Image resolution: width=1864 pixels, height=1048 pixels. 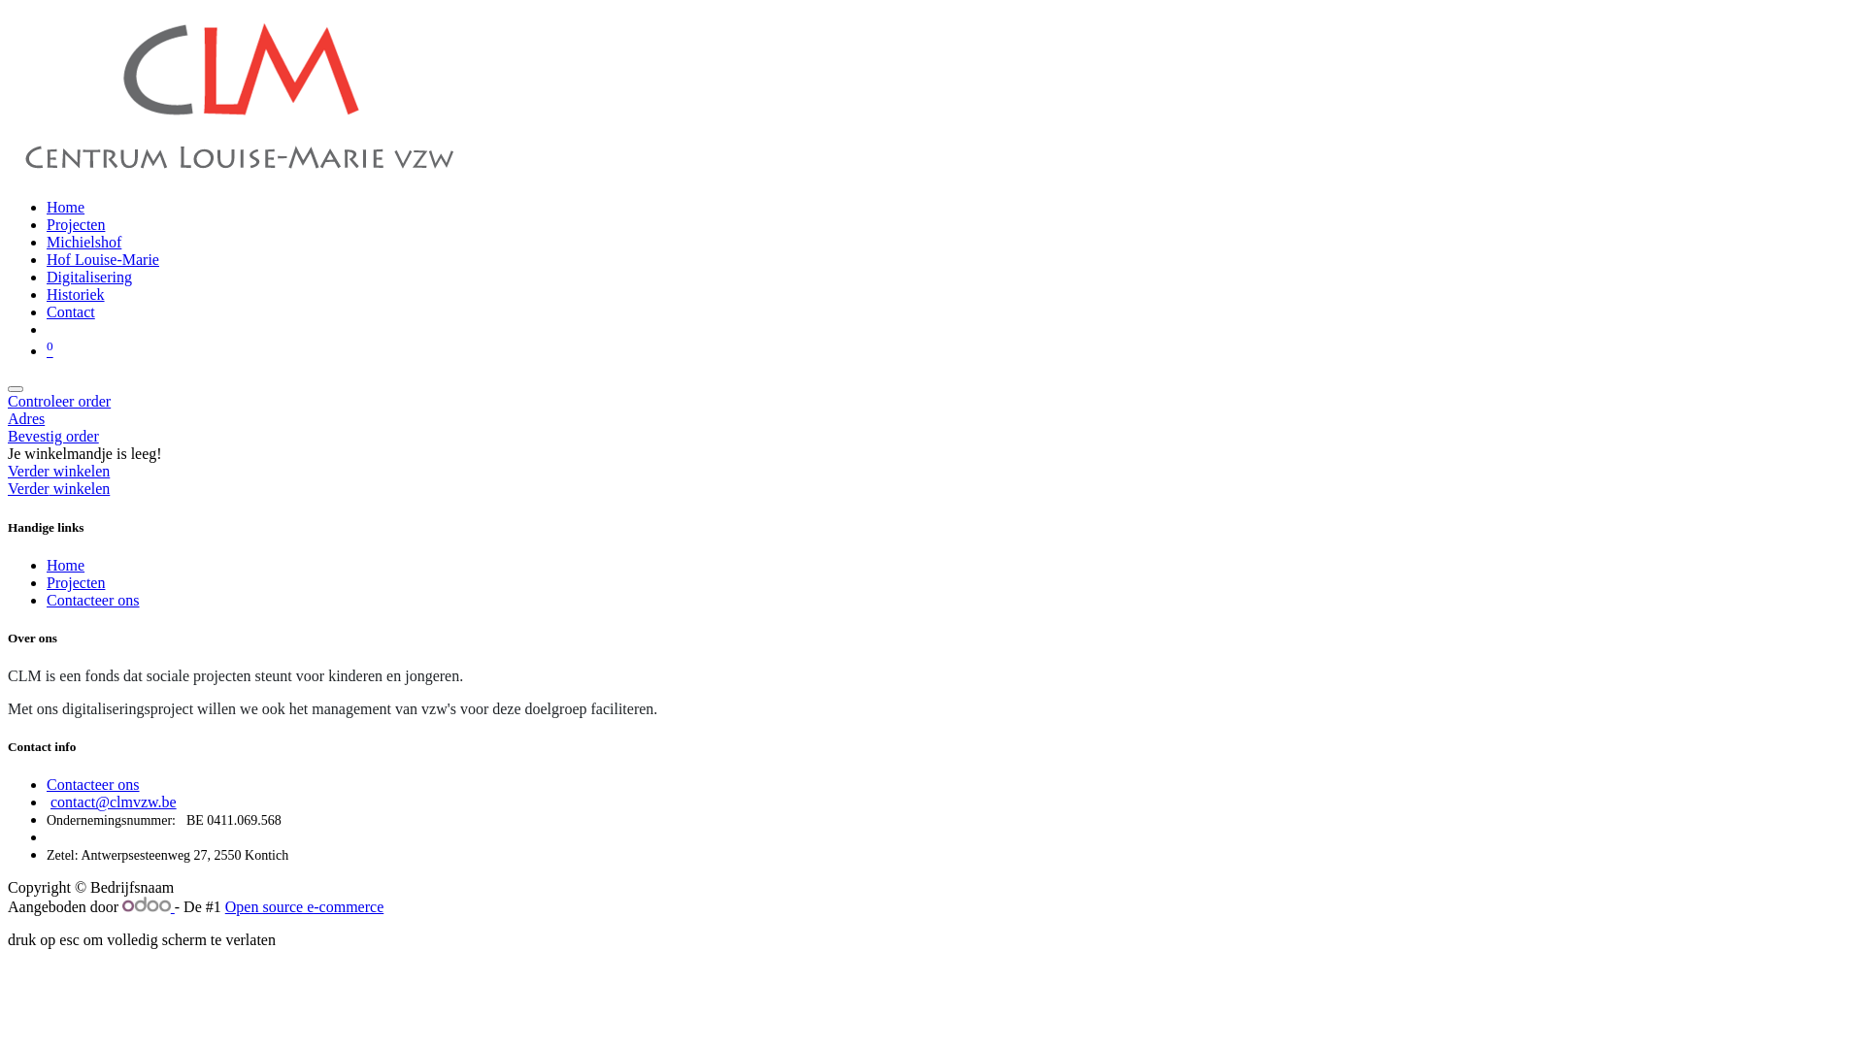 I want to click on 'Contact', so click(x=70, y=311).